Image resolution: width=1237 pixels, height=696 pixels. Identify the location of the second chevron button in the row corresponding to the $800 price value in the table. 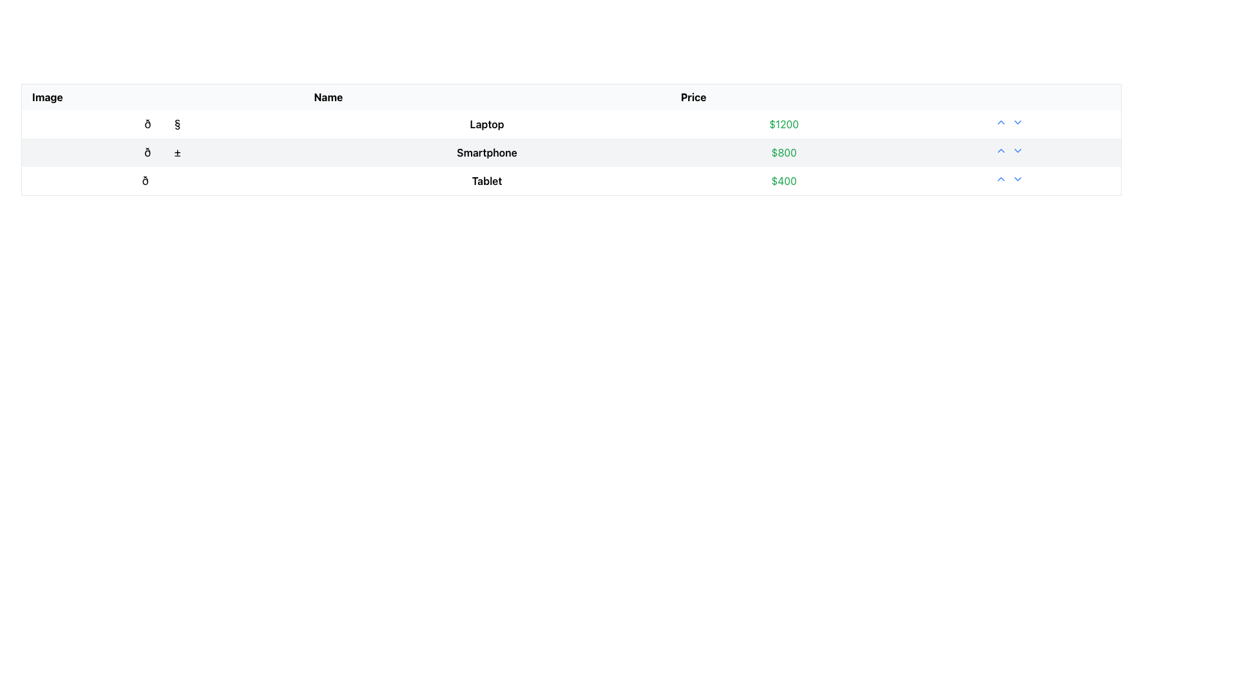
(1017, 150).